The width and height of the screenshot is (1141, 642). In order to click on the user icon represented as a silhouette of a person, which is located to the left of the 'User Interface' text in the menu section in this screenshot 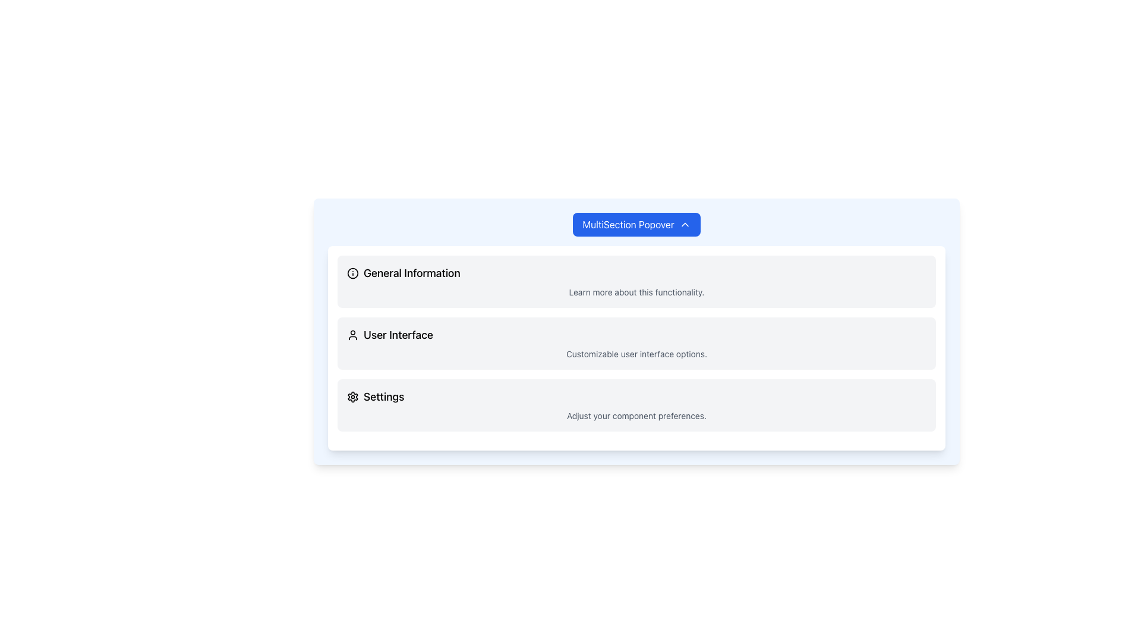, I will do `click(352, 335)`.